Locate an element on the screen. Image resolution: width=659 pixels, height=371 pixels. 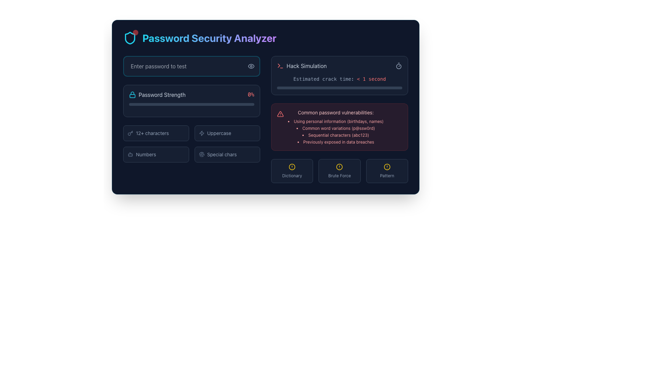
the warning icon circle indicating potential dictionary attack risks located in the 'Dictionary' module at the bottom of the interface is located at coordinates (292, 167).